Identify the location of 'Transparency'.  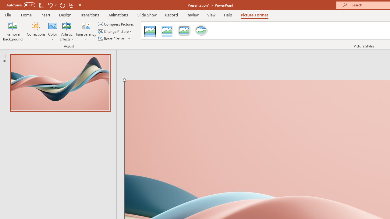
(85, 31).